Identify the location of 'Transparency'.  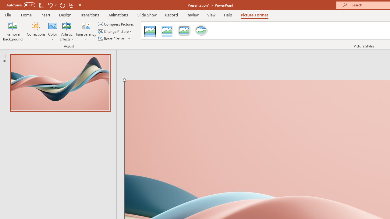
(85, 31).